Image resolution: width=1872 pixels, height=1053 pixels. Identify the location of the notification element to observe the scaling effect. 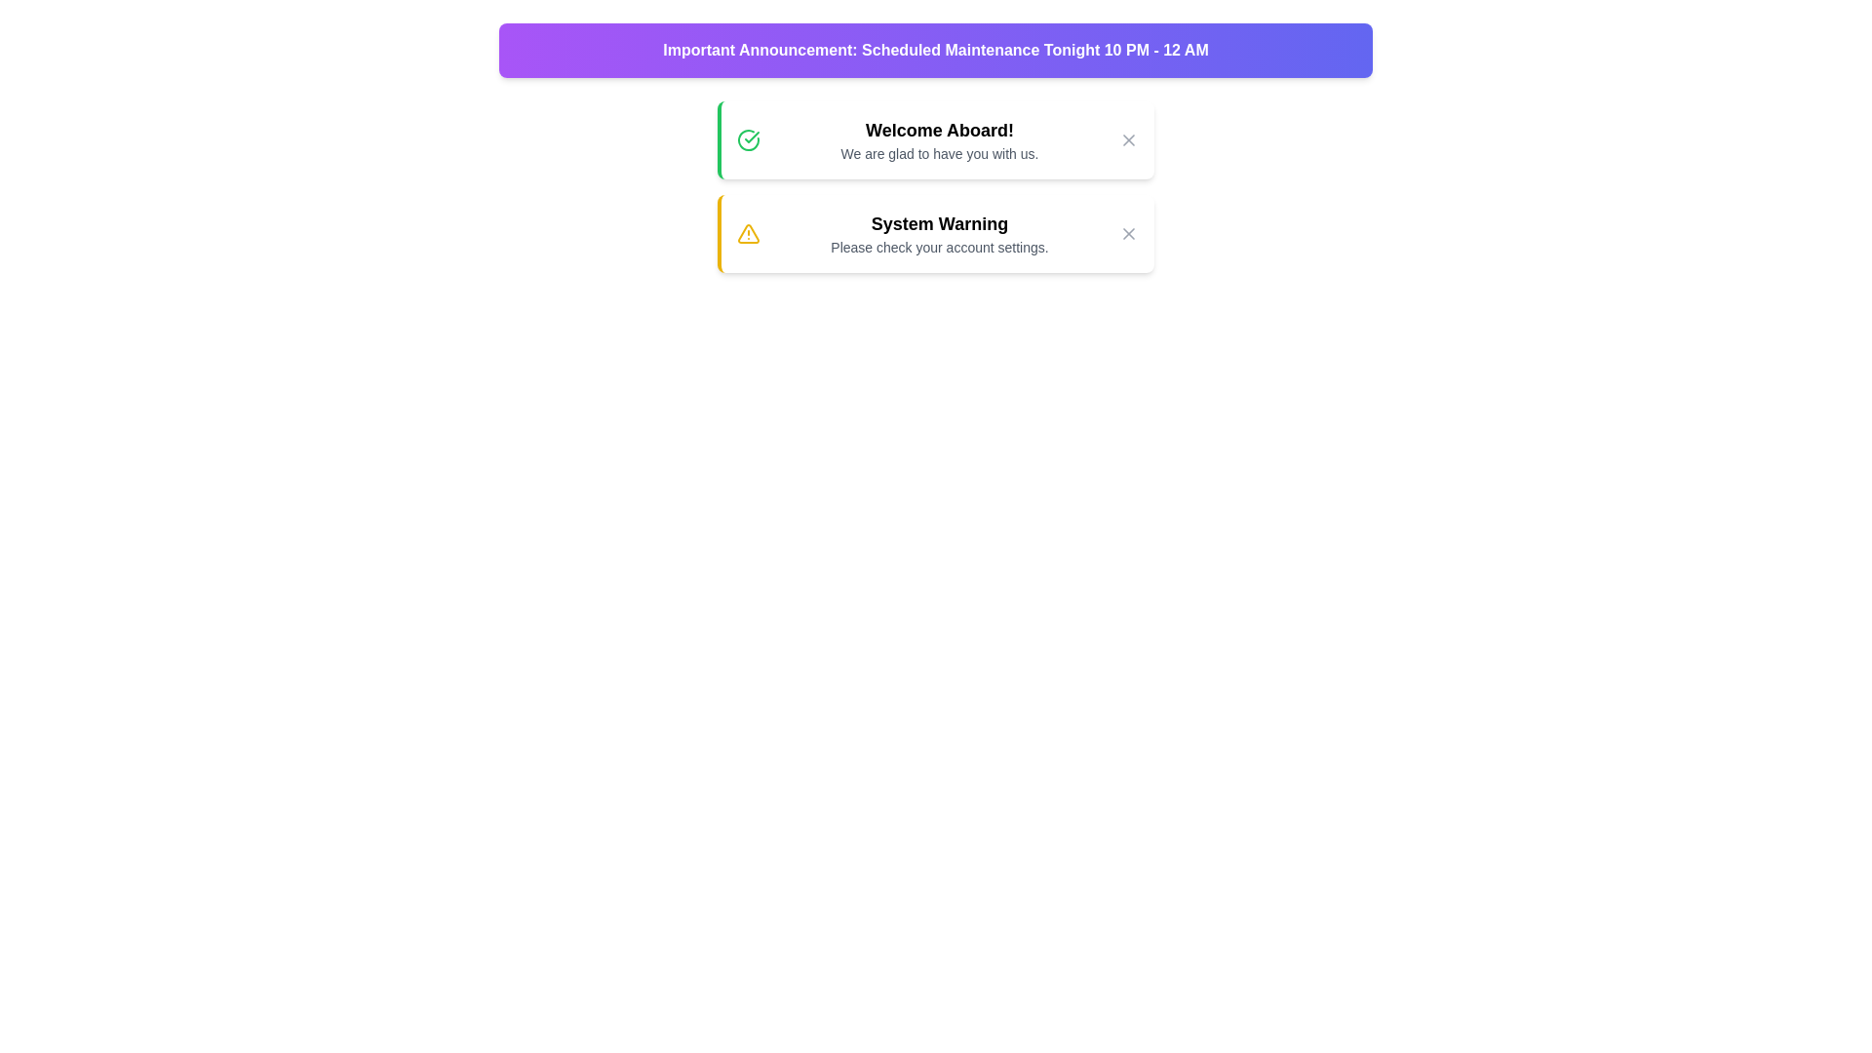
(936, 138).